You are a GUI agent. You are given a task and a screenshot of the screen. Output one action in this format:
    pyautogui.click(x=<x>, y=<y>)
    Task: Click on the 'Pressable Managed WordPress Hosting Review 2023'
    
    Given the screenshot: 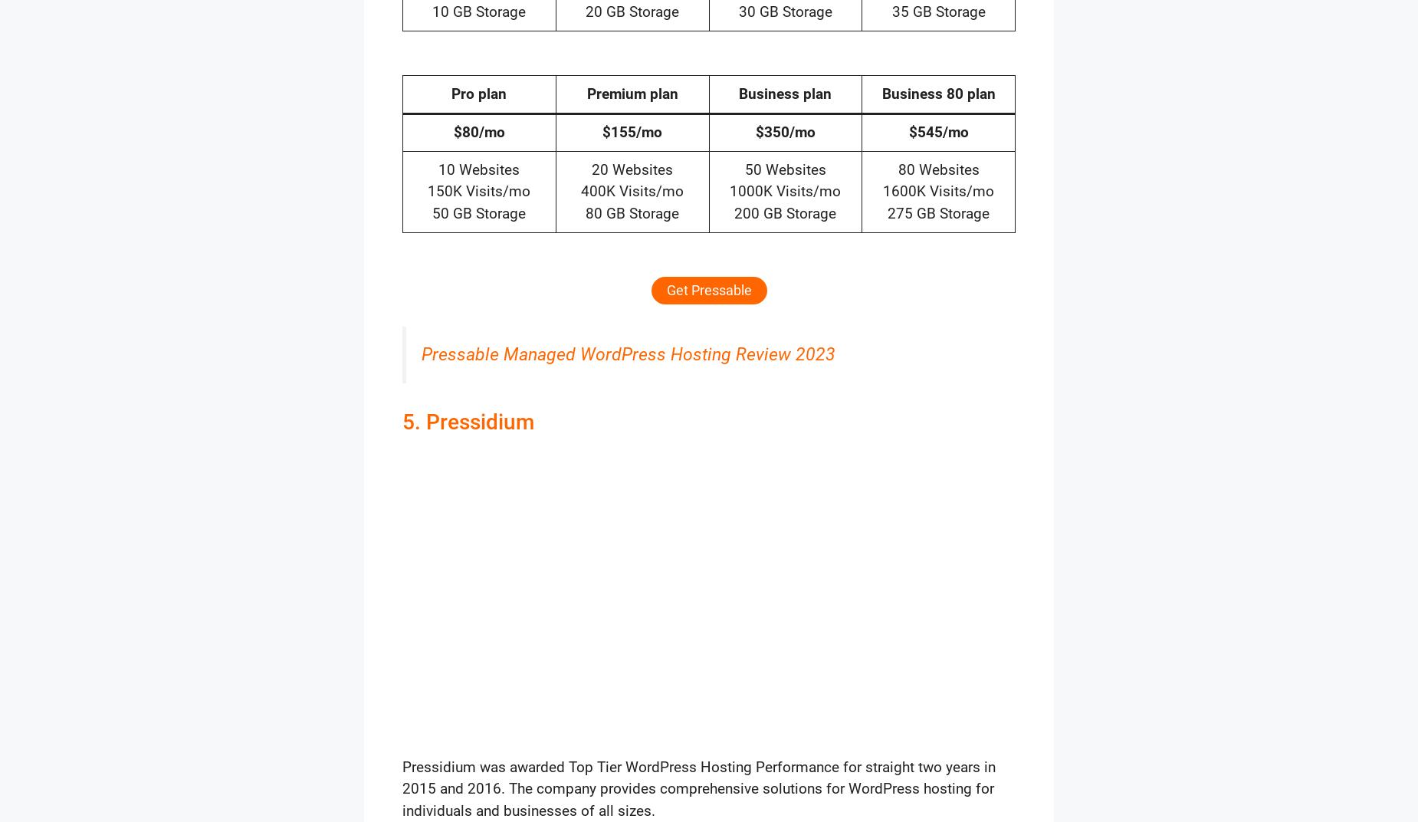 What is the action you would take?
    pyautogui.click(x=628, y=353)
    